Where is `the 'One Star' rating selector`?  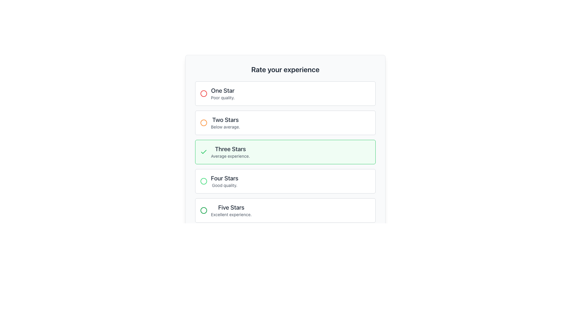
the 'One Star' rating selector is located at coordinates (285, 93).